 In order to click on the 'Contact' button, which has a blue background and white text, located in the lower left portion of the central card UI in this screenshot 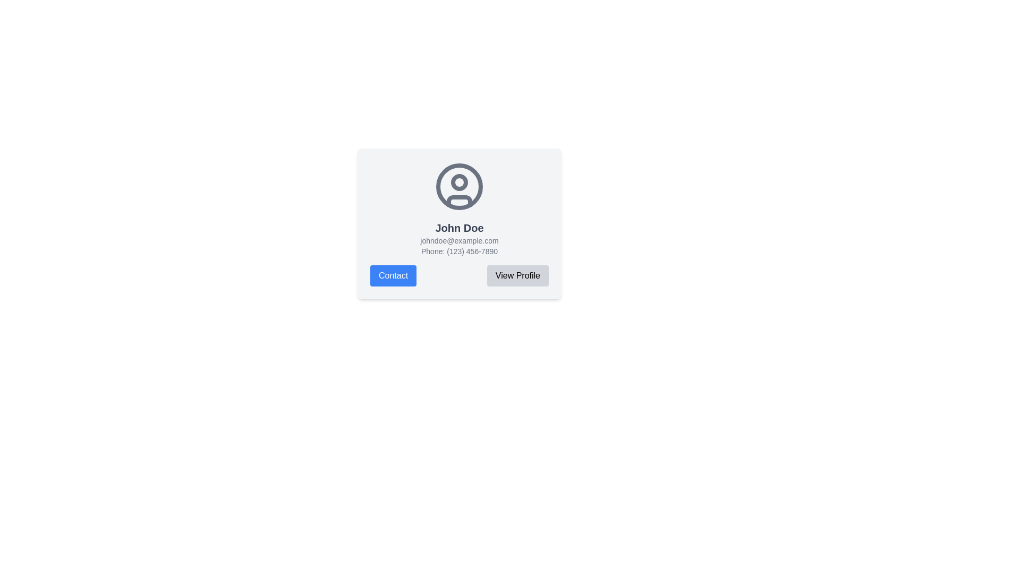, I will do `click(393, 275)`.